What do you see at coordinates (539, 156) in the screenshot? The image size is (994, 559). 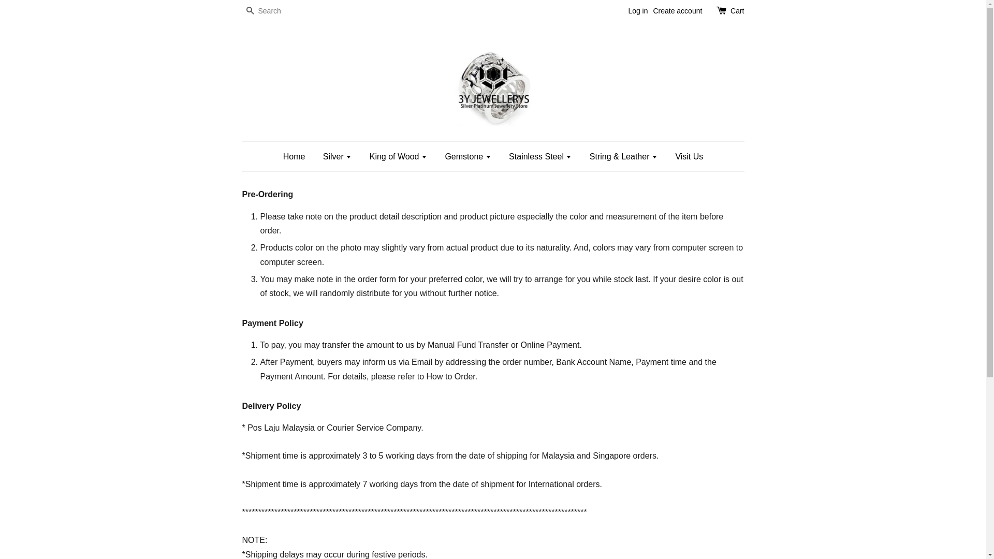 I see `'Stainless Steel'` at bounding box center [539, 156].